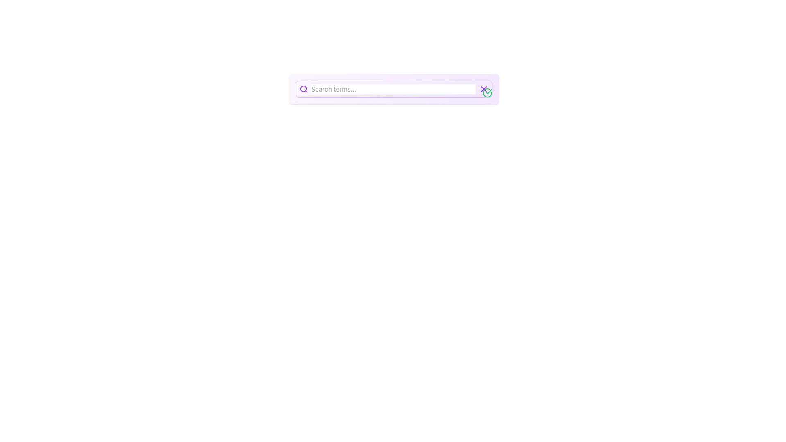 The image size is (786, 442). I want to click on the clear button icon located at the far-right end of the input field to clear the input text, so click(483, 89).